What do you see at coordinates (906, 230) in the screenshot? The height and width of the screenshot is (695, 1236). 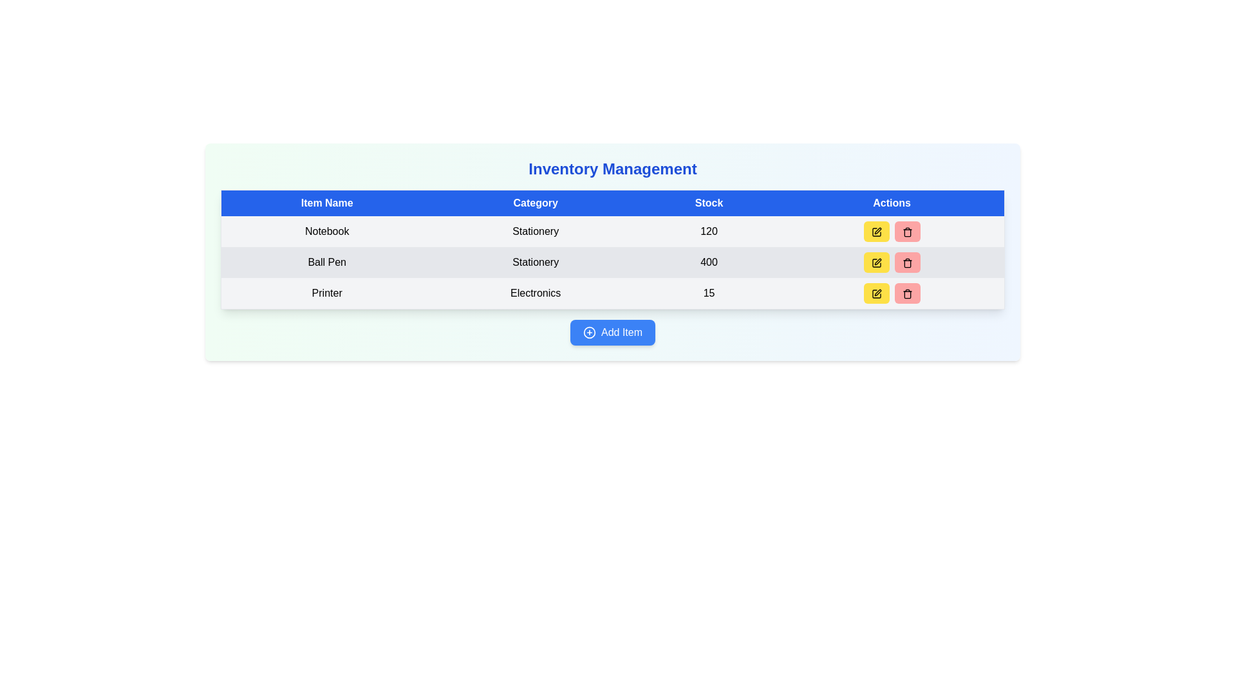 I see `the delete button located in the 'Actions' column of the table, positioned to the right of the yellow 'Edit' button, aligned with the 'Ball Pen' row` at bounding box center [906, 230].